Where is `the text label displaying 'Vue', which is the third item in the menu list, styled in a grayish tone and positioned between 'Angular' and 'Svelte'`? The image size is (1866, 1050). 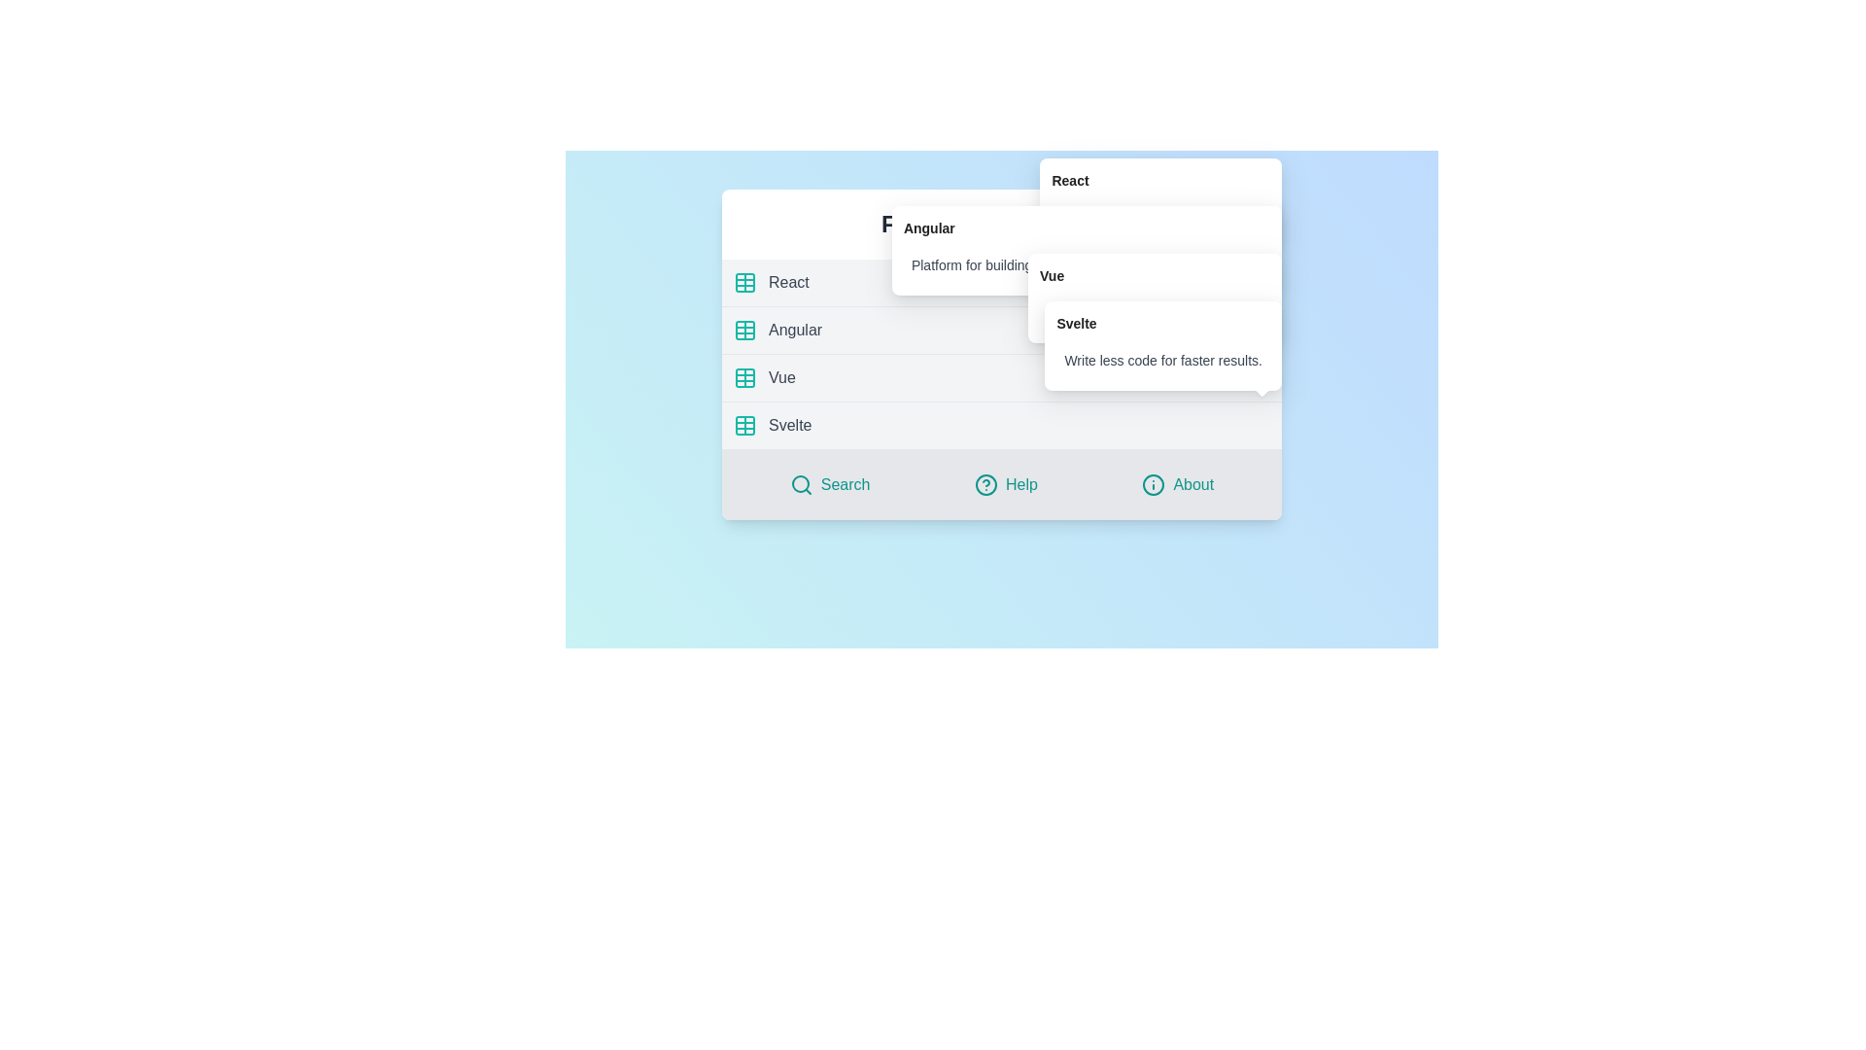
the text label displaying 'Vue', which is the third item in the menu list, styled in a grayish tone and positioned between 'Angular' and 'Svelte' is located at coordinates (781, 378).